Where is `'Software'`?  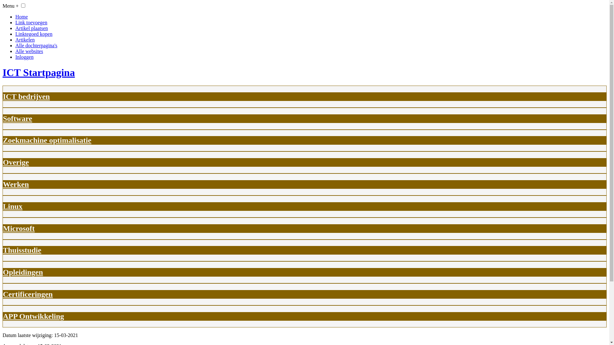 'Software' is located at coordinates (17, 118).